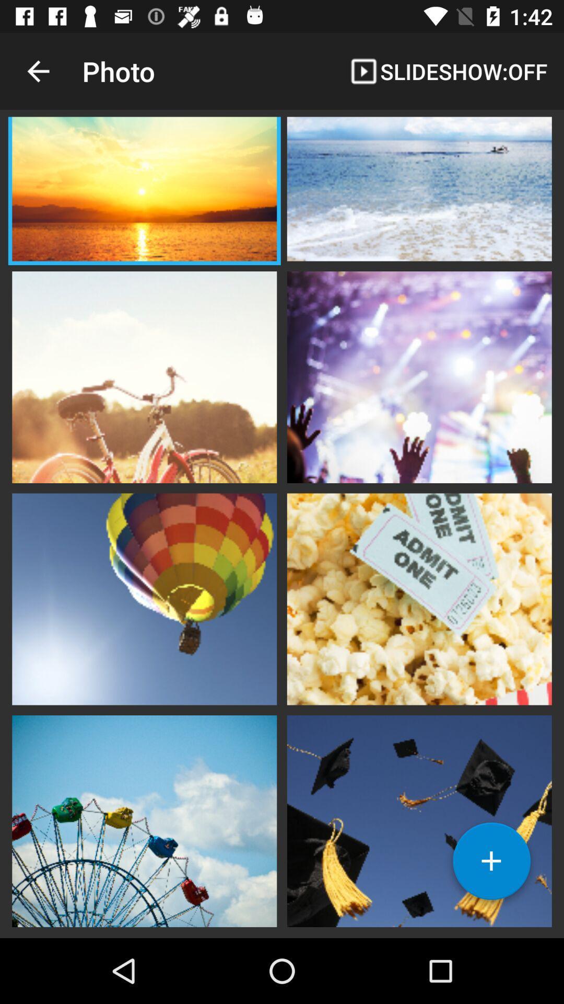 Image resolution: width=564 pixels, height=1004 pixels. I want to click on photo option, so click(144, 190).